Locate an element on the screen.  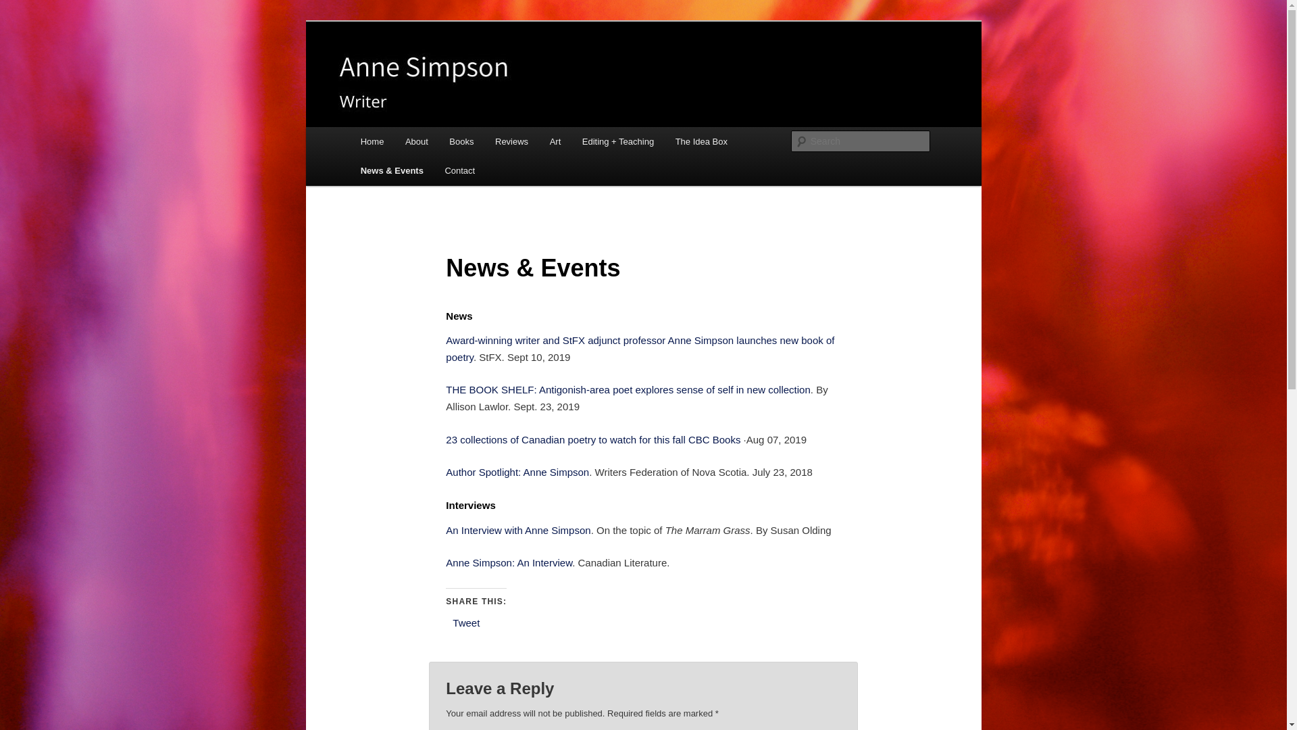
'About' is located at coordinates (394, 141).